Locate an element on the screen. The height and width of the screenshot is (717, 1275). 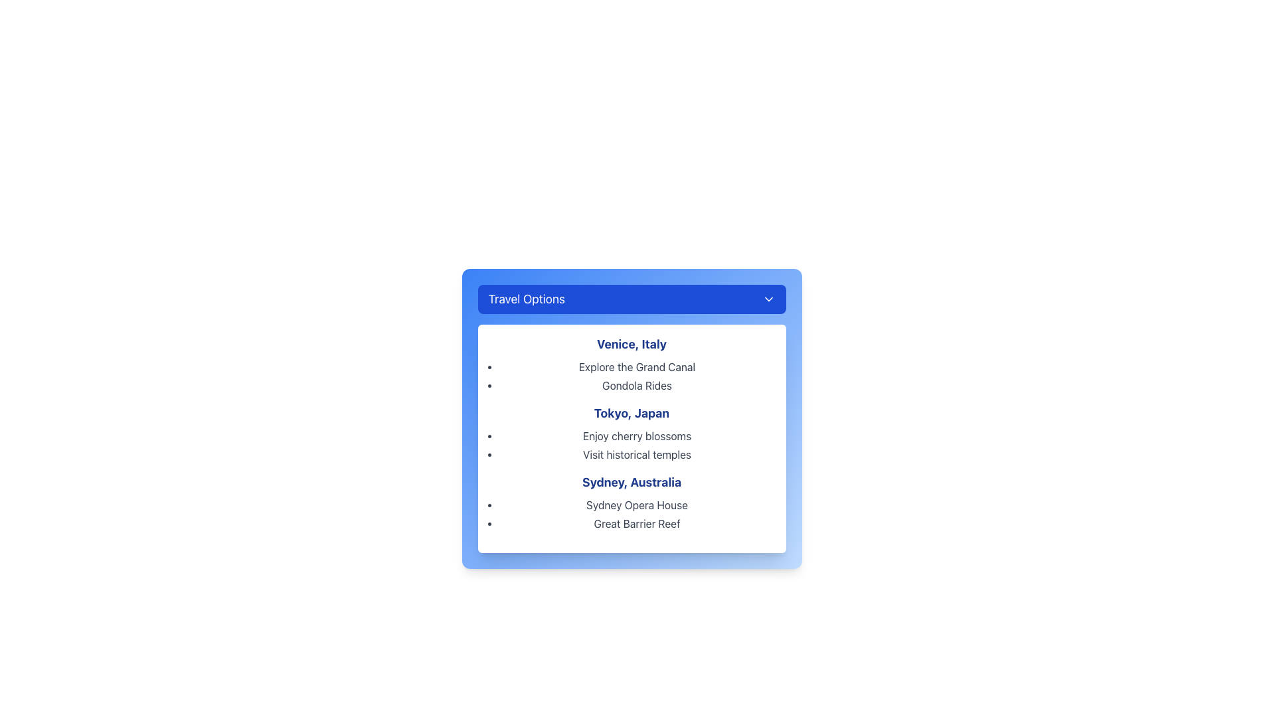
assistive technologies is located at coordinates (636, 454).